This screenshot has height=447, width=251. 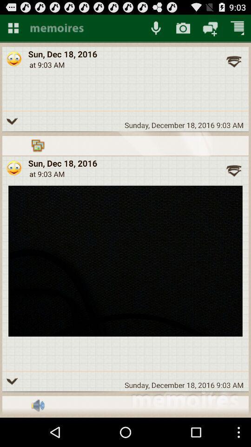 I want to click on the photo icon, so click(x=183, y=30).